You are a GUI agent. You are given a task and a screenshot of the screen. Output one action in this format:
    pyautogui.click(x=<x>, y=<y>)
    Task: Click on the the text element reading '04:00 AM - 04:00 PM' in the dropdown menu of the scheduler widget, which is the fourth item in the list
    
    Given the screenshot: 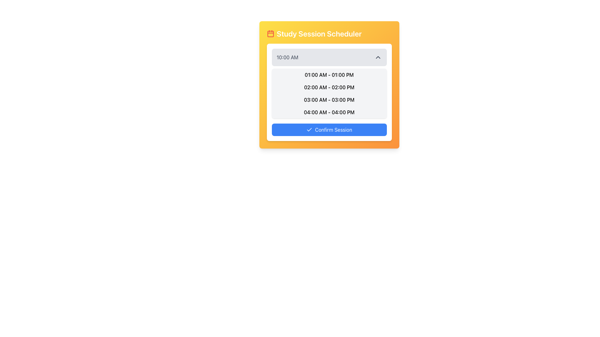 What is the action you would take?
    pyautogui.click(x=329, y=112)
    